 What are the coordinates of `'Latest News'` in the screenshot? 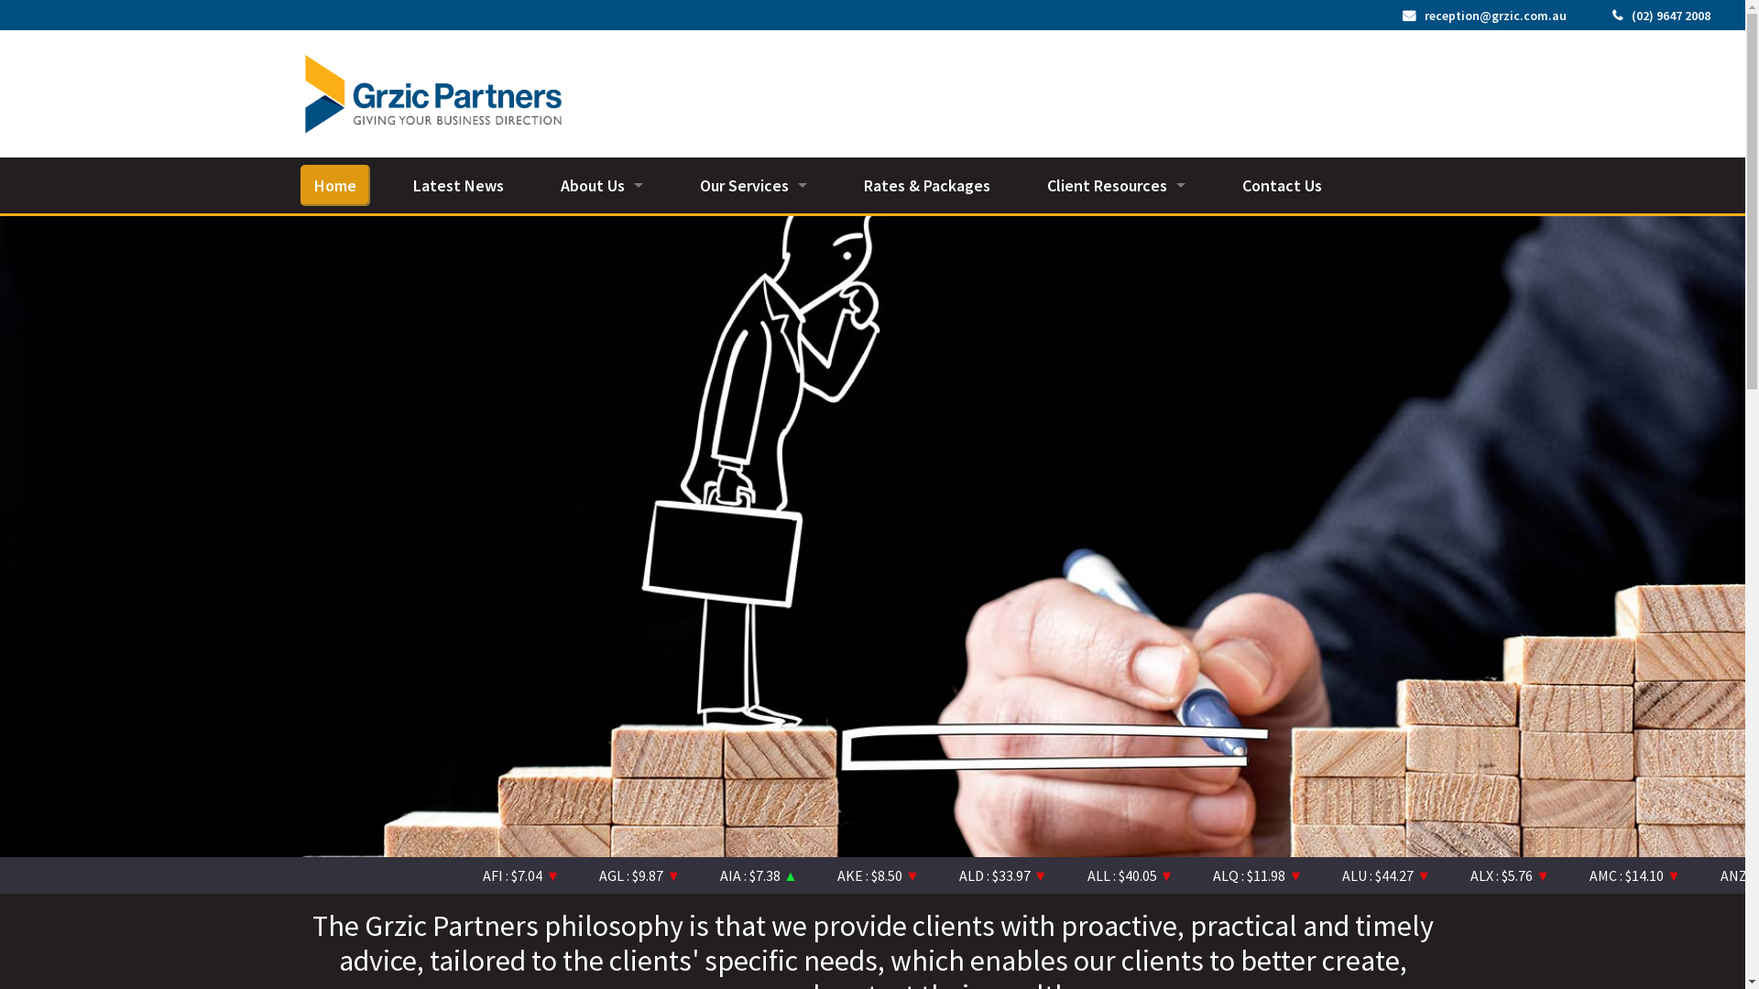 It's located at (399, 185).